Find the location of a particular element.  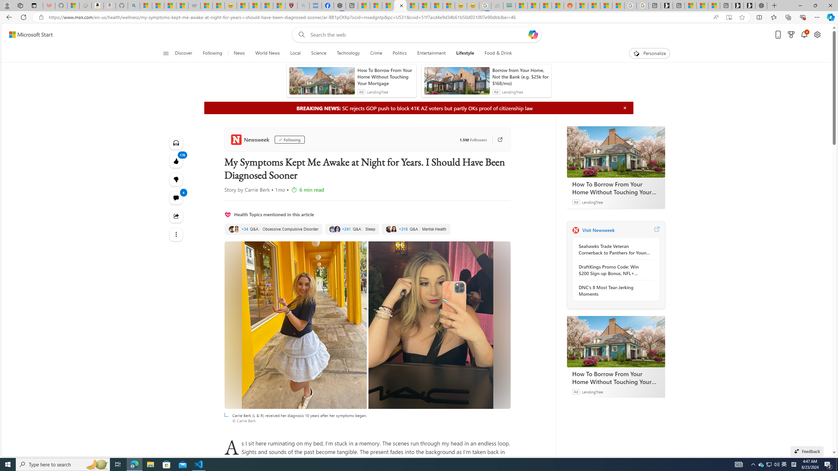

'Hide' is located at coordinates (624, 108).